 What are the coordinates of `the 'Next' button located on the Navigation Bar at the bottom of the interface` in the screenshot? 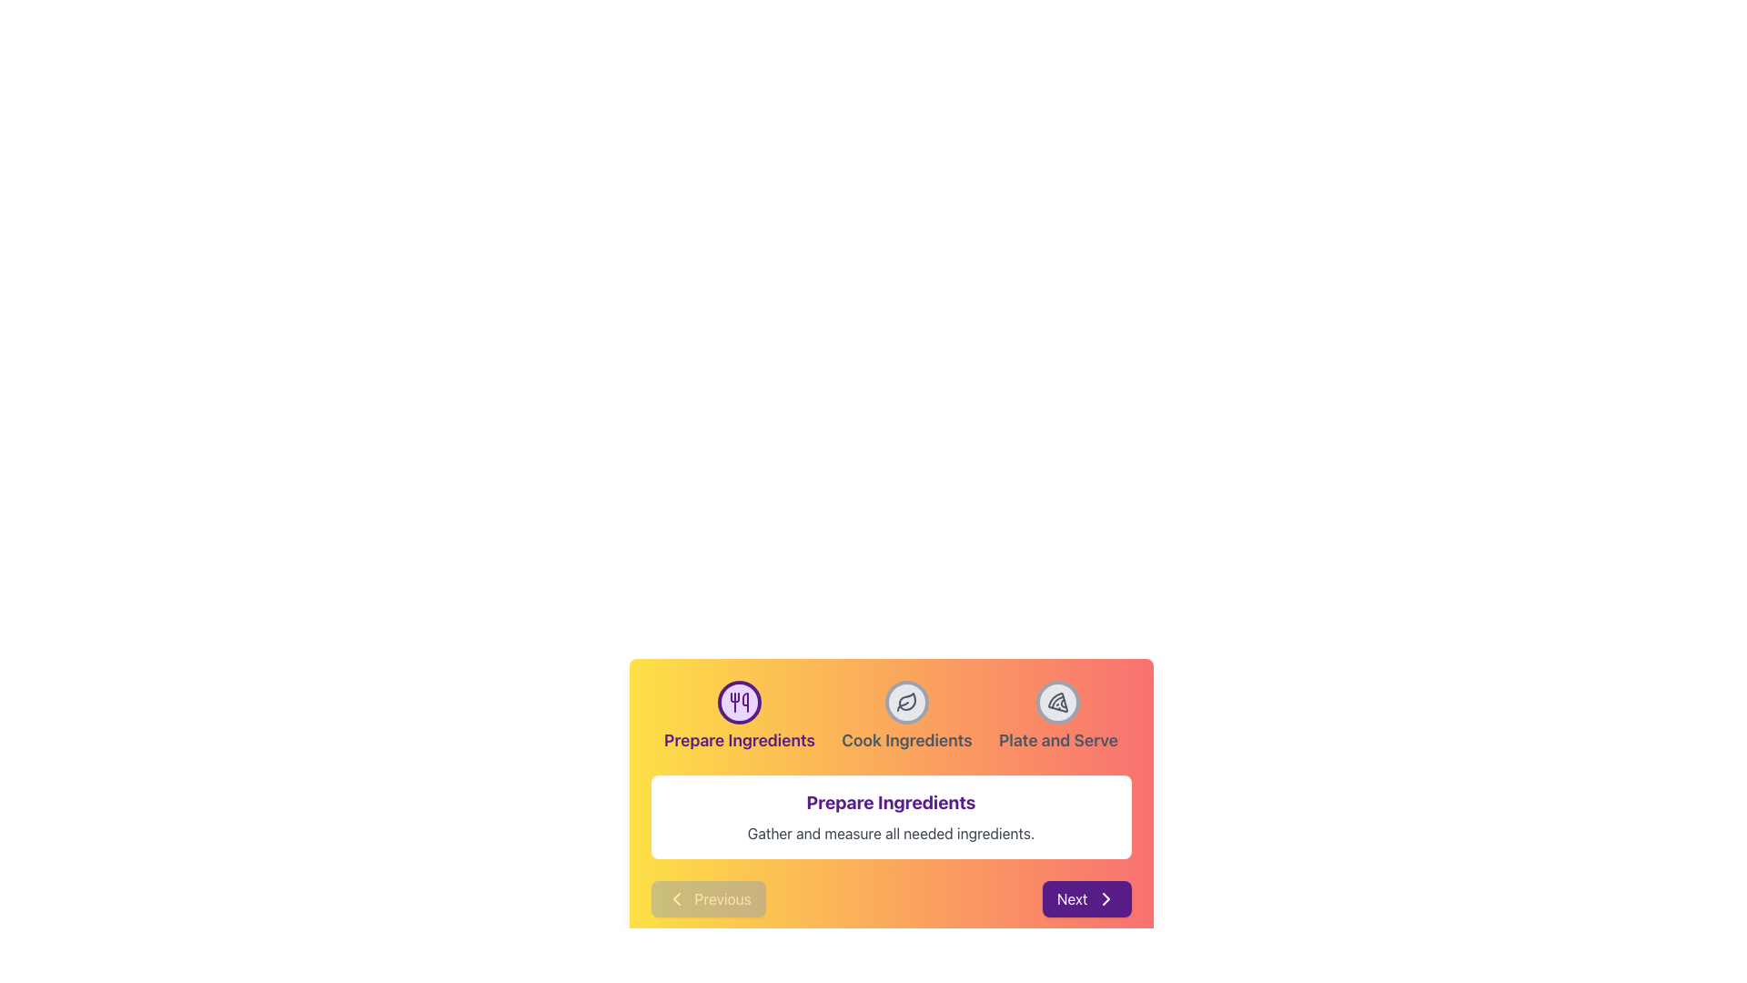 It's located at (891, 897).